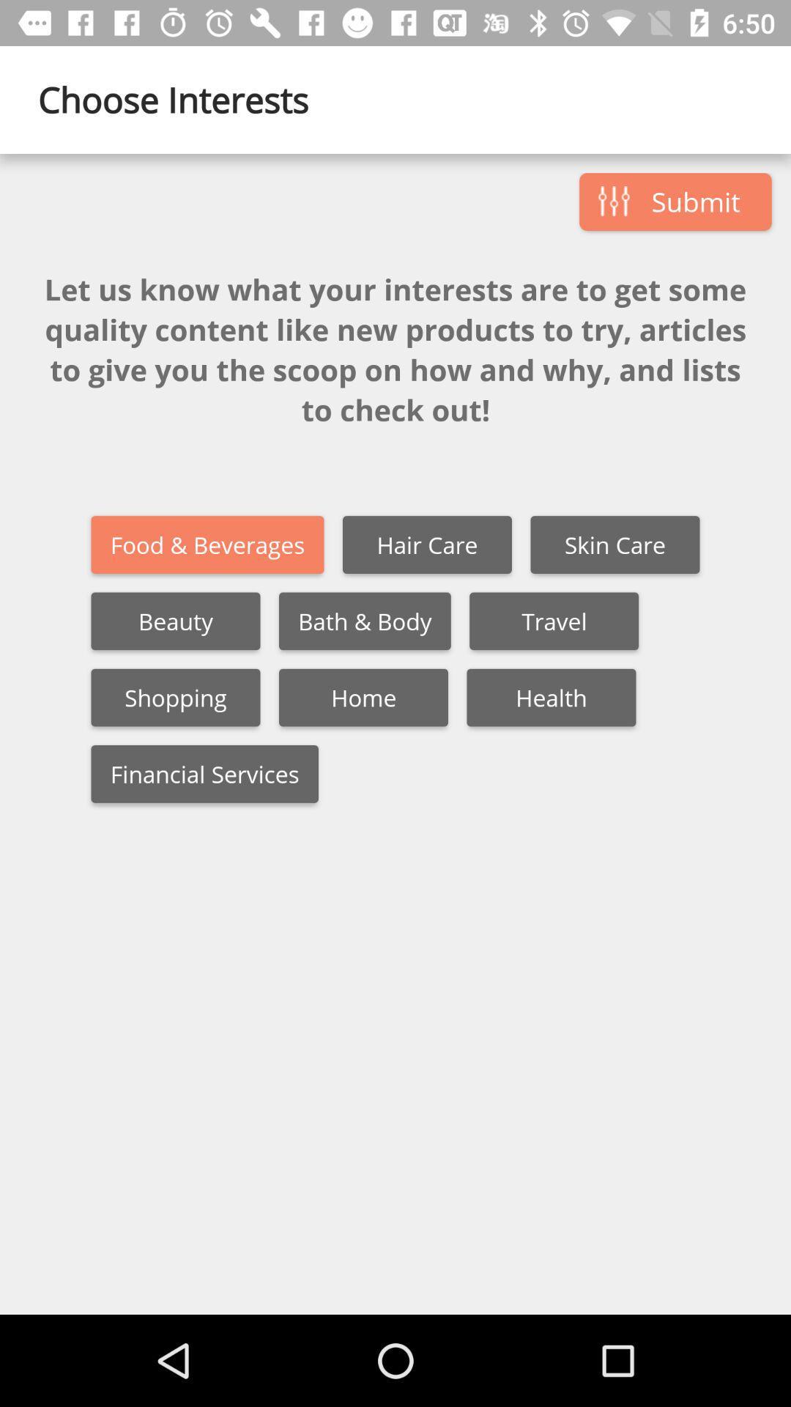 Image resolution: width=791 pixels, height=1407 pixels. What do you see at coordinates (364, 621) in the screenshot?
I see `the bath & body item` at bounding box center [364, 621].